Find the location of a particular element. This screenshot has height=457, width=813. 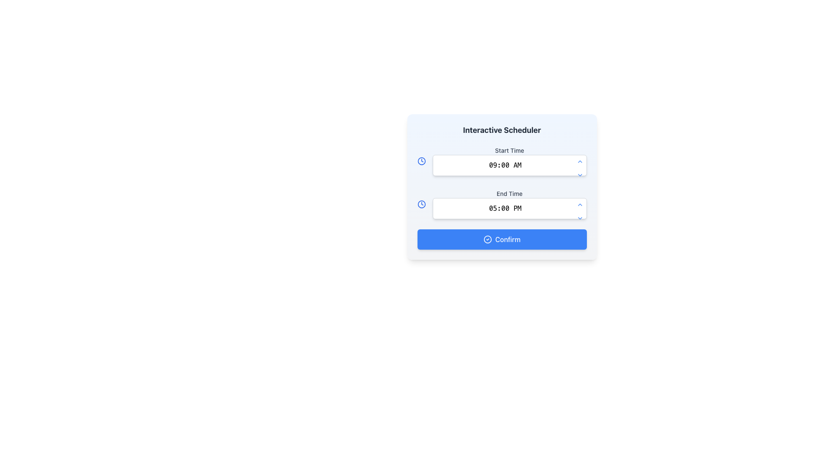

the 'Confirm' button with a blue background and white text, located at the bottom of the 'Interactive Scheduler' dialog box is located at coordinates (502, 240).